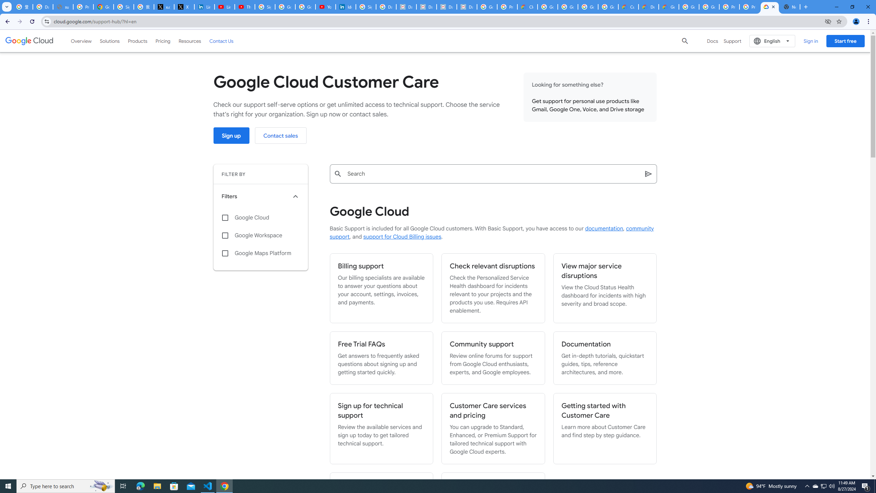 The width and height of the screenshot is (876, 493). Describe the element at coordinates (406, 7) in the screenshot. I see `'Data Privacy Framework'` at that location.